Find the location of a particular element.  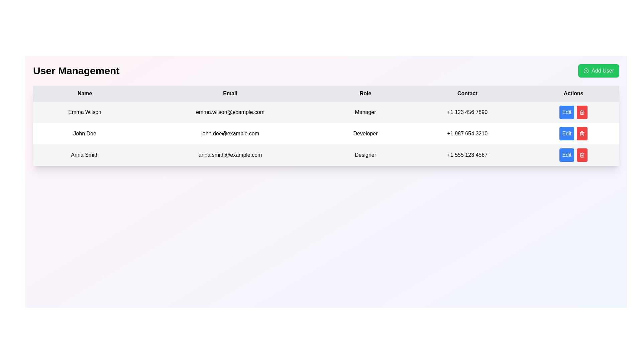

the edit button located in the 'Actions' column of the table row corresponding to 'John Doe' is located at coordinates (573, 134).